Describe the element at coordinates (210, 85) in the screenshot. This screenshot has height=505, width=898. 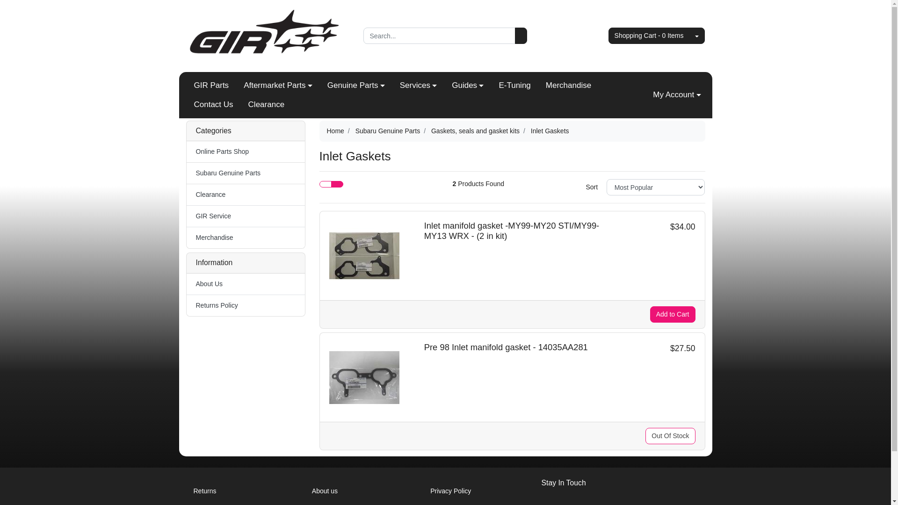
I see `'GIR Parts'` at that location.